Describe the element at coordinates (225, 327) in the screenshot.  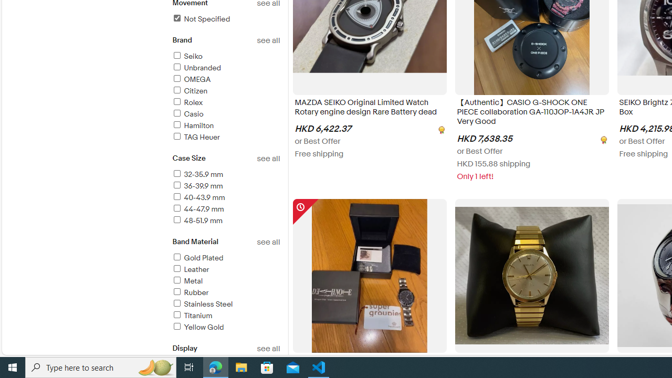
I see `'Yellow Gold'` at that location.